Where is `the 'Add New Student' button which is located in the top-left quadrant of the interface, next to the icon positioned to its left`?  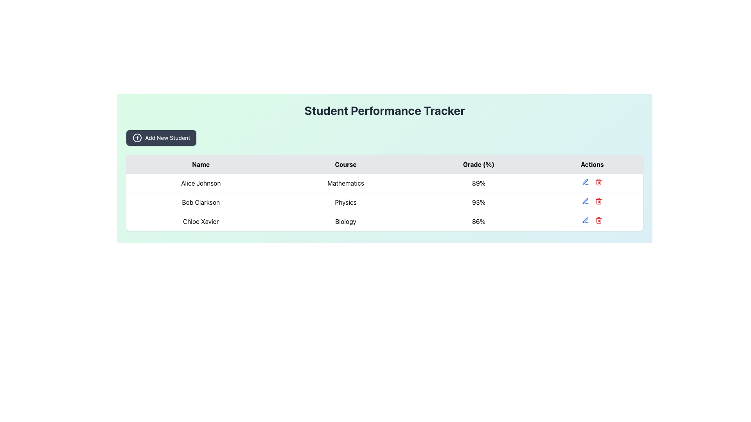 the 'Add New Student' button which is located in the top-left quadrant of the interface, next to the icon positioned to its left is located at coordinates (137, 138).